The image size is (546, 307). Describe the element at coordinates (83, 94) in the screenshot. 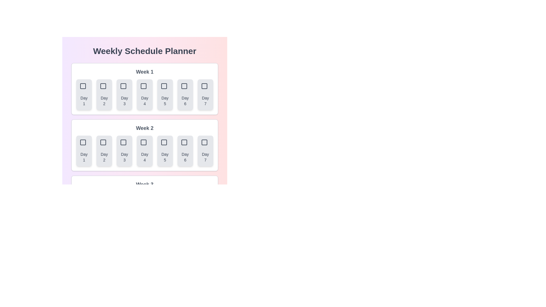

I see `the button corresponding to Week 1 and Day 1 to select that day` at that location.